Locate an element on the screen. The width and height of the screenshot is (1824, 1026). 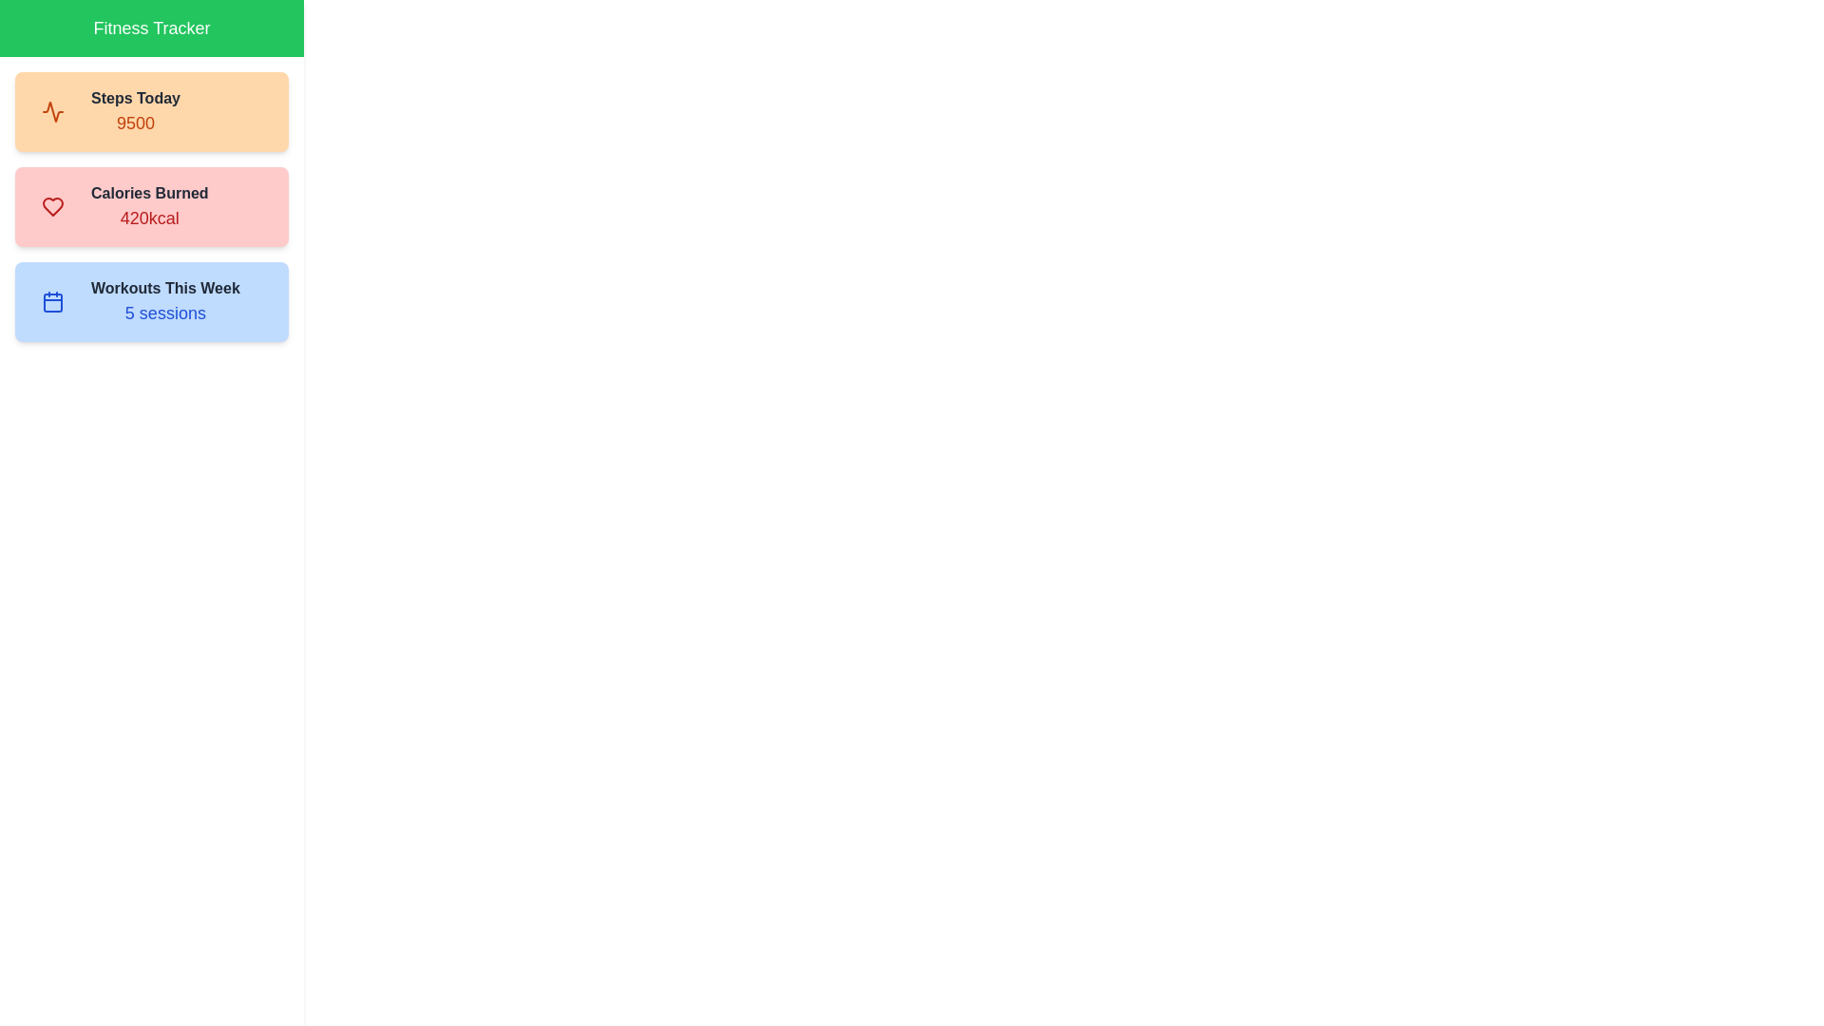
the stat Calories Burned to observe its hover effect is located at coordinates (150, 207).